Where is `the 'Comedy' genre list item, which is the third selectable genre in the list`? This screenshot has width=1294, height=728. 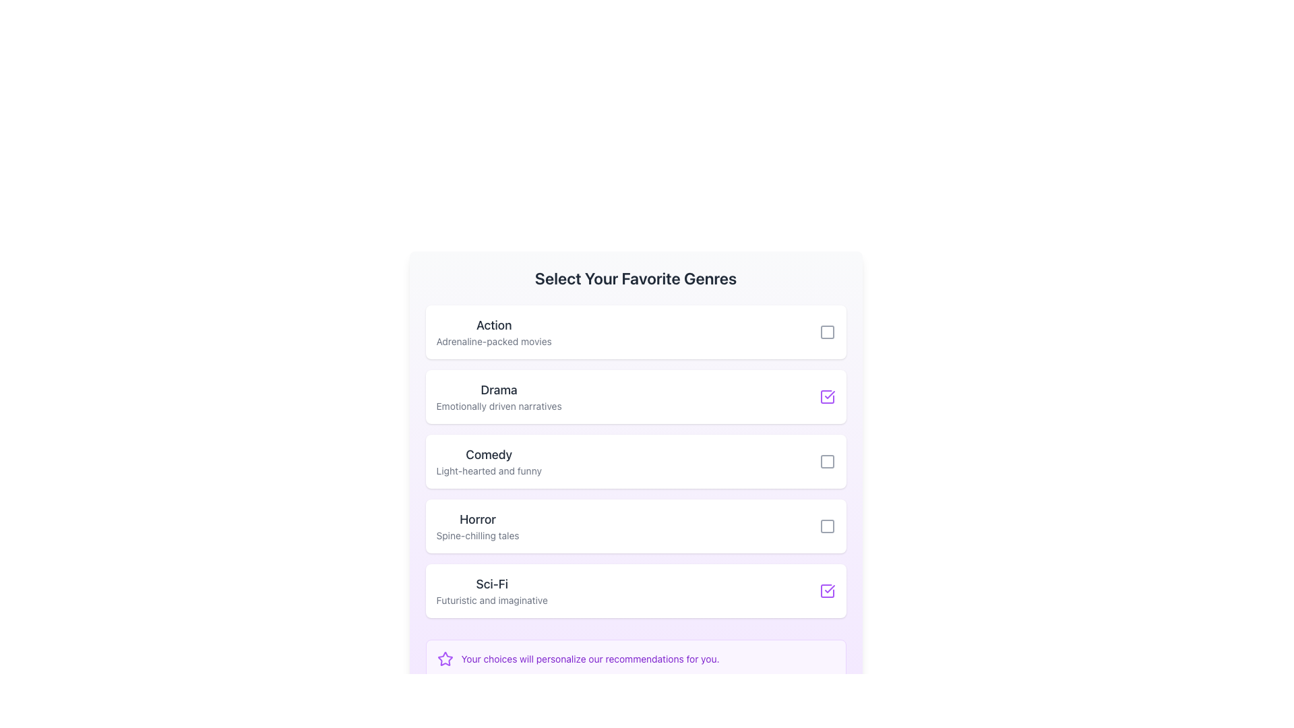 the 'Comedy' genre list item, which is the third selectable genre in the list is located at coordinates (635, 461).